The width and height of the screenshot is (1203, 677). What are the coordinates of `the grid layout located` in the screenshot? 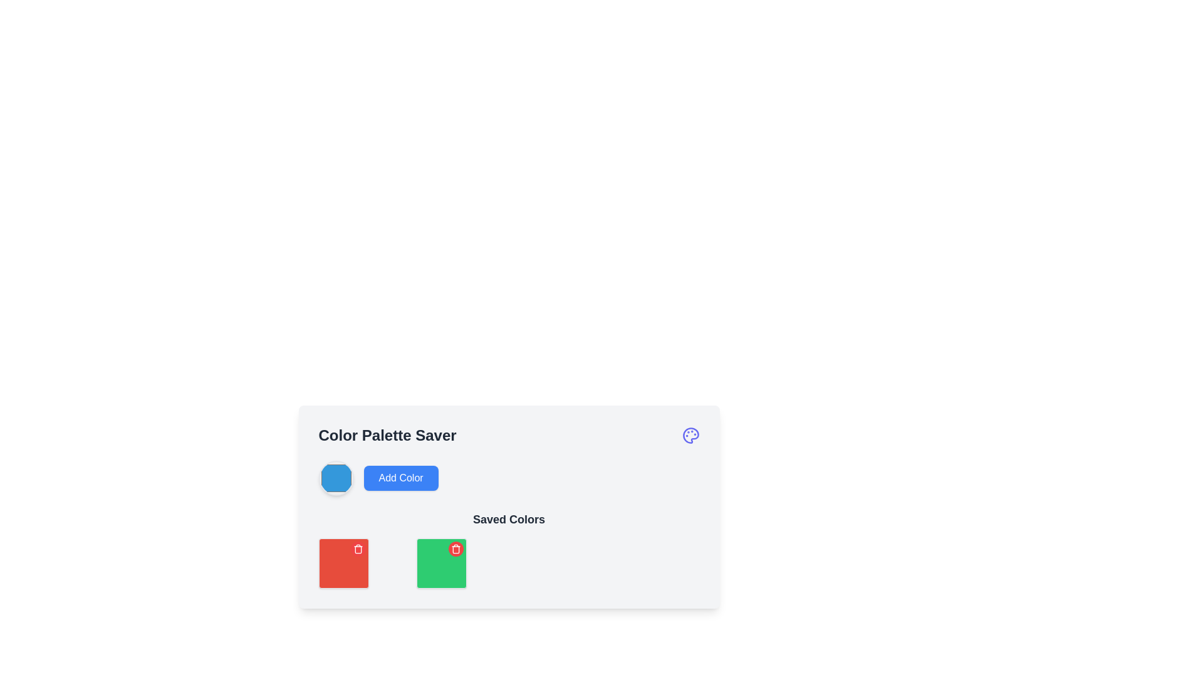 It's located at (509, 562).